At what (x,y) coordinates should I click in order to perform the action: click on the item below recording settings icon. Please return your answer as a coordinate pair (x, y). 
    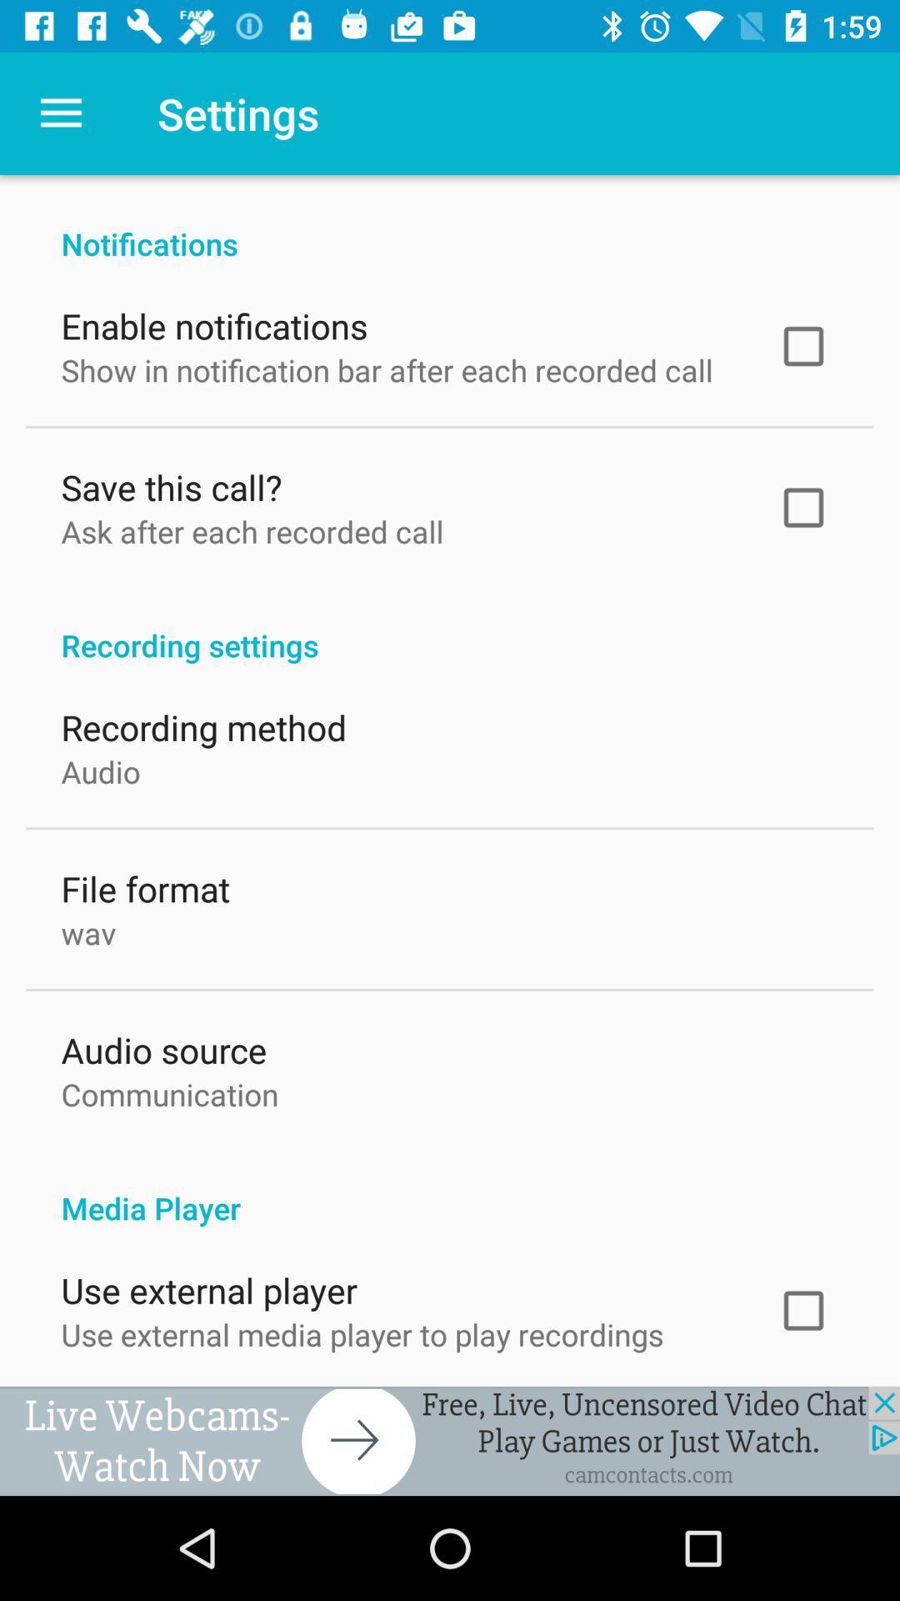
    Looking at the image, I should click on (202, 723).